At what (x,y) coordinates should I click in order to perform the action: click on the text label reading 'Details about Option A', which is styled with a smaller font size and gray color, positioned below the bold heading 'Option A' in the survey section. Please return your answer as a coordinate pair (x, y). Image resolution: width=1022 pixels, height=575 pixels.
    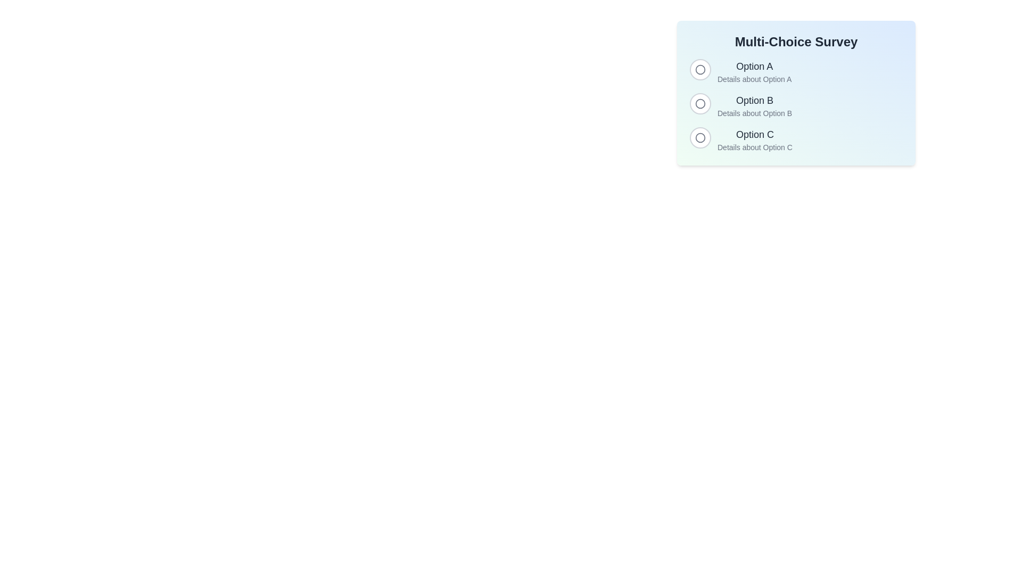
    Looking at the image, I should click on (754, 79).